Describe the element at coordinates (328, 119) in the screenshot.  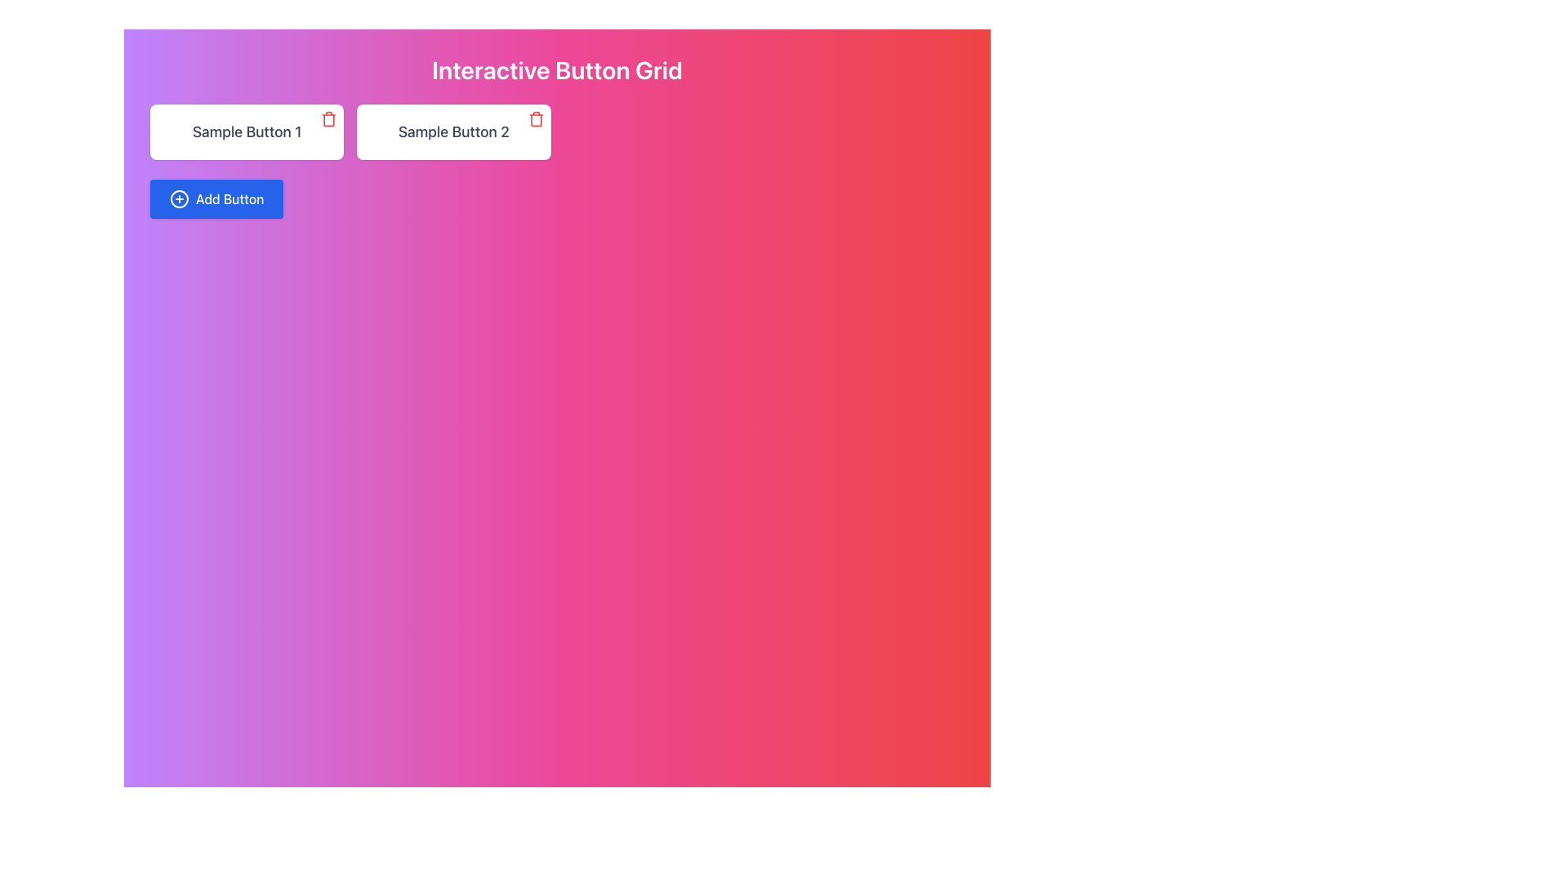
I see `the trash bin icon located in the top-right corner of its grouping` at that location.